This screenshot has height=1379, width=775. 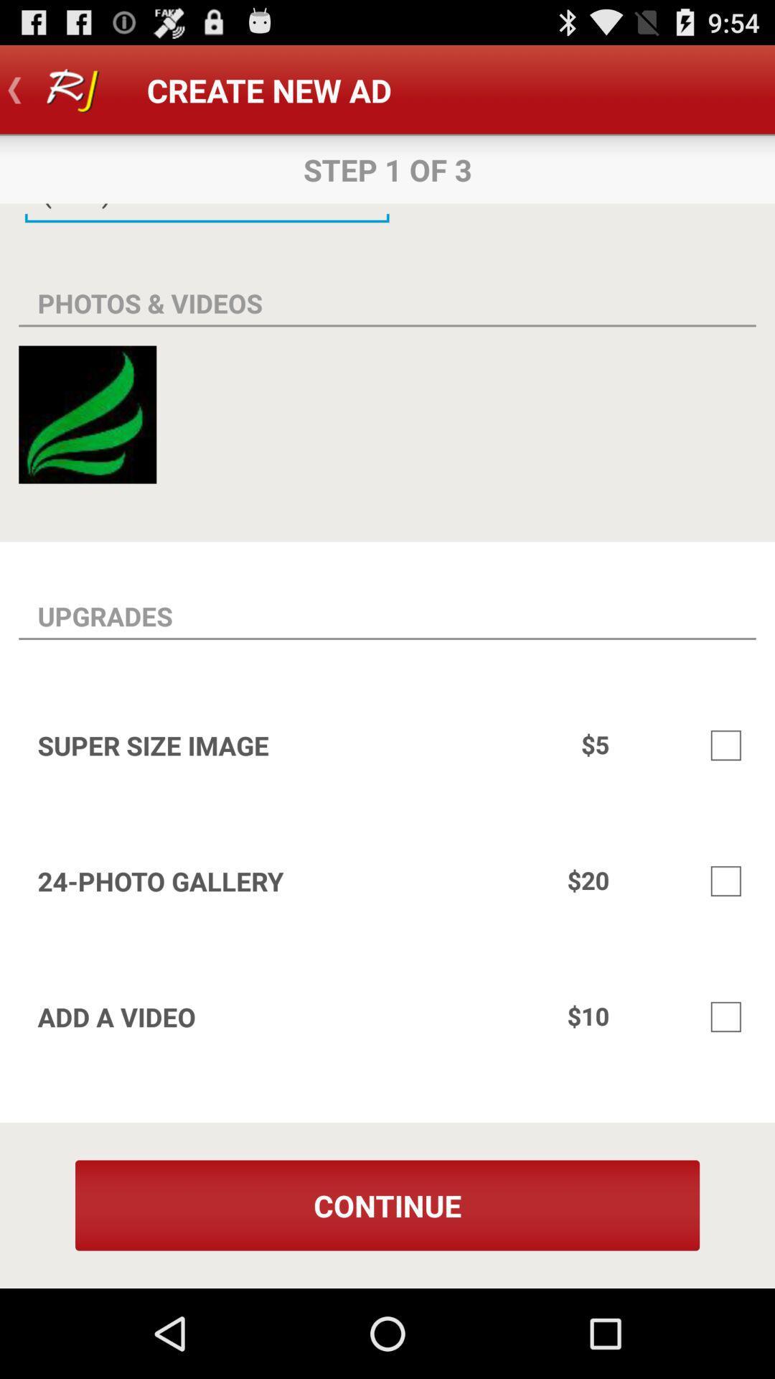 What do you see at coordinates (725, 881) in the screenshot?
I see `checkbox` at bounding box center [725, 881].